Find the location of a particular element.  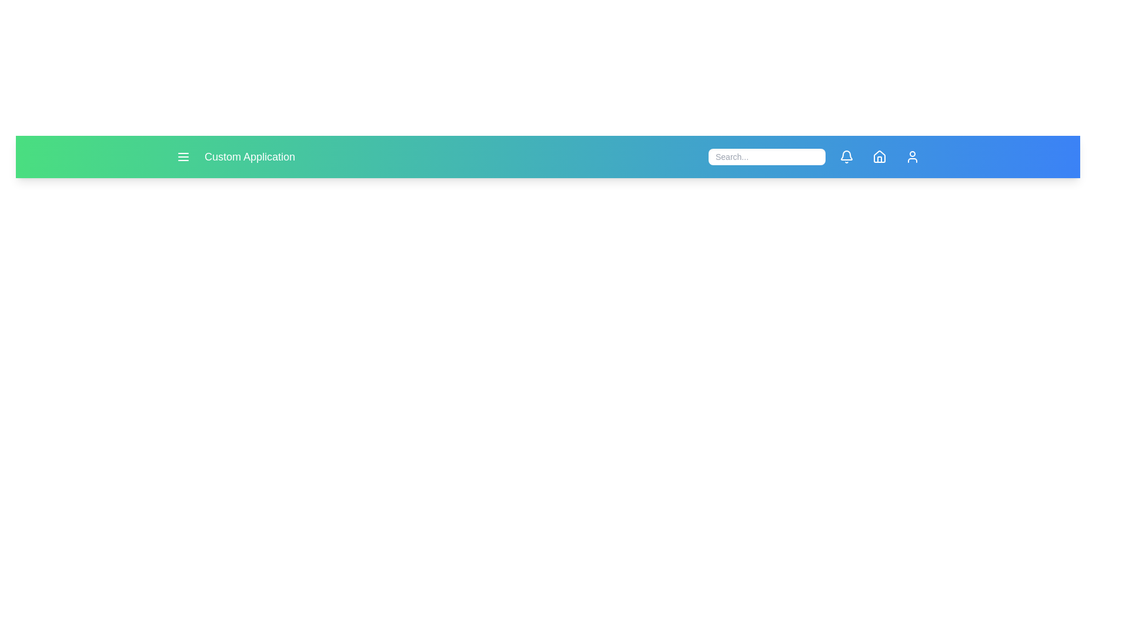

the home icon to navigate to the home page is located at coordinates (880, 156).